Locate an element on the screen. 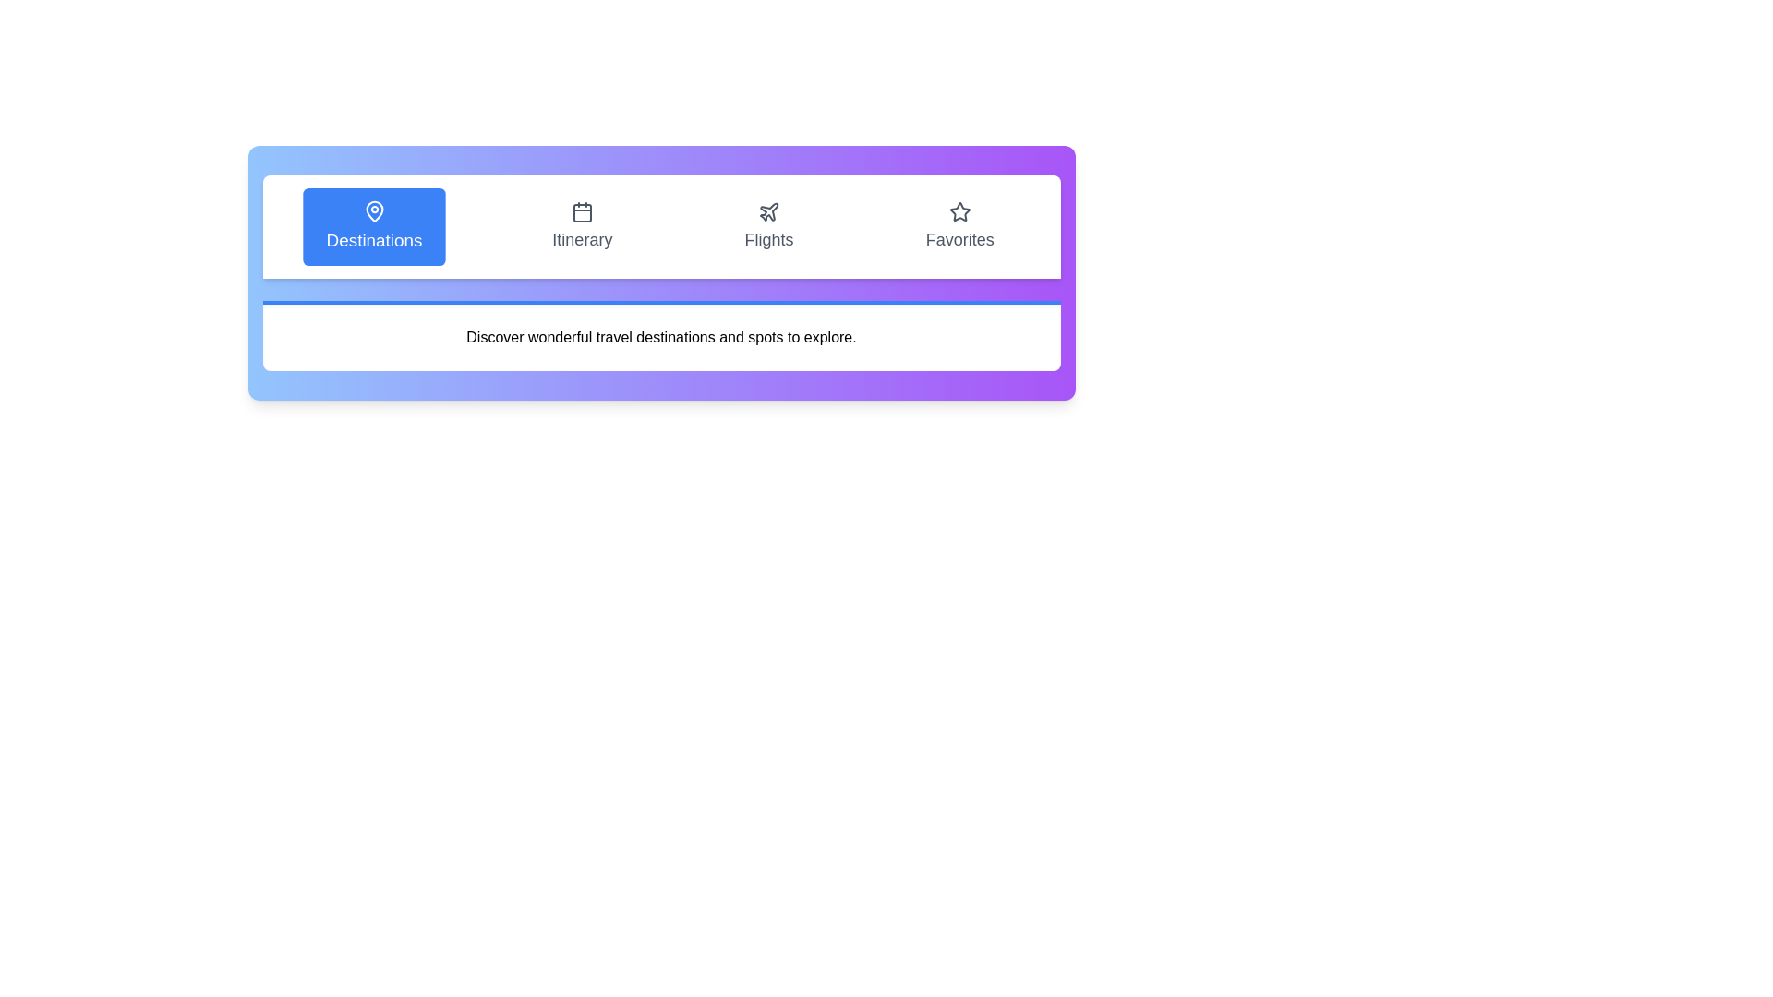  the Destinations tab to observe visual feedback is located at coordinates (373, 226).